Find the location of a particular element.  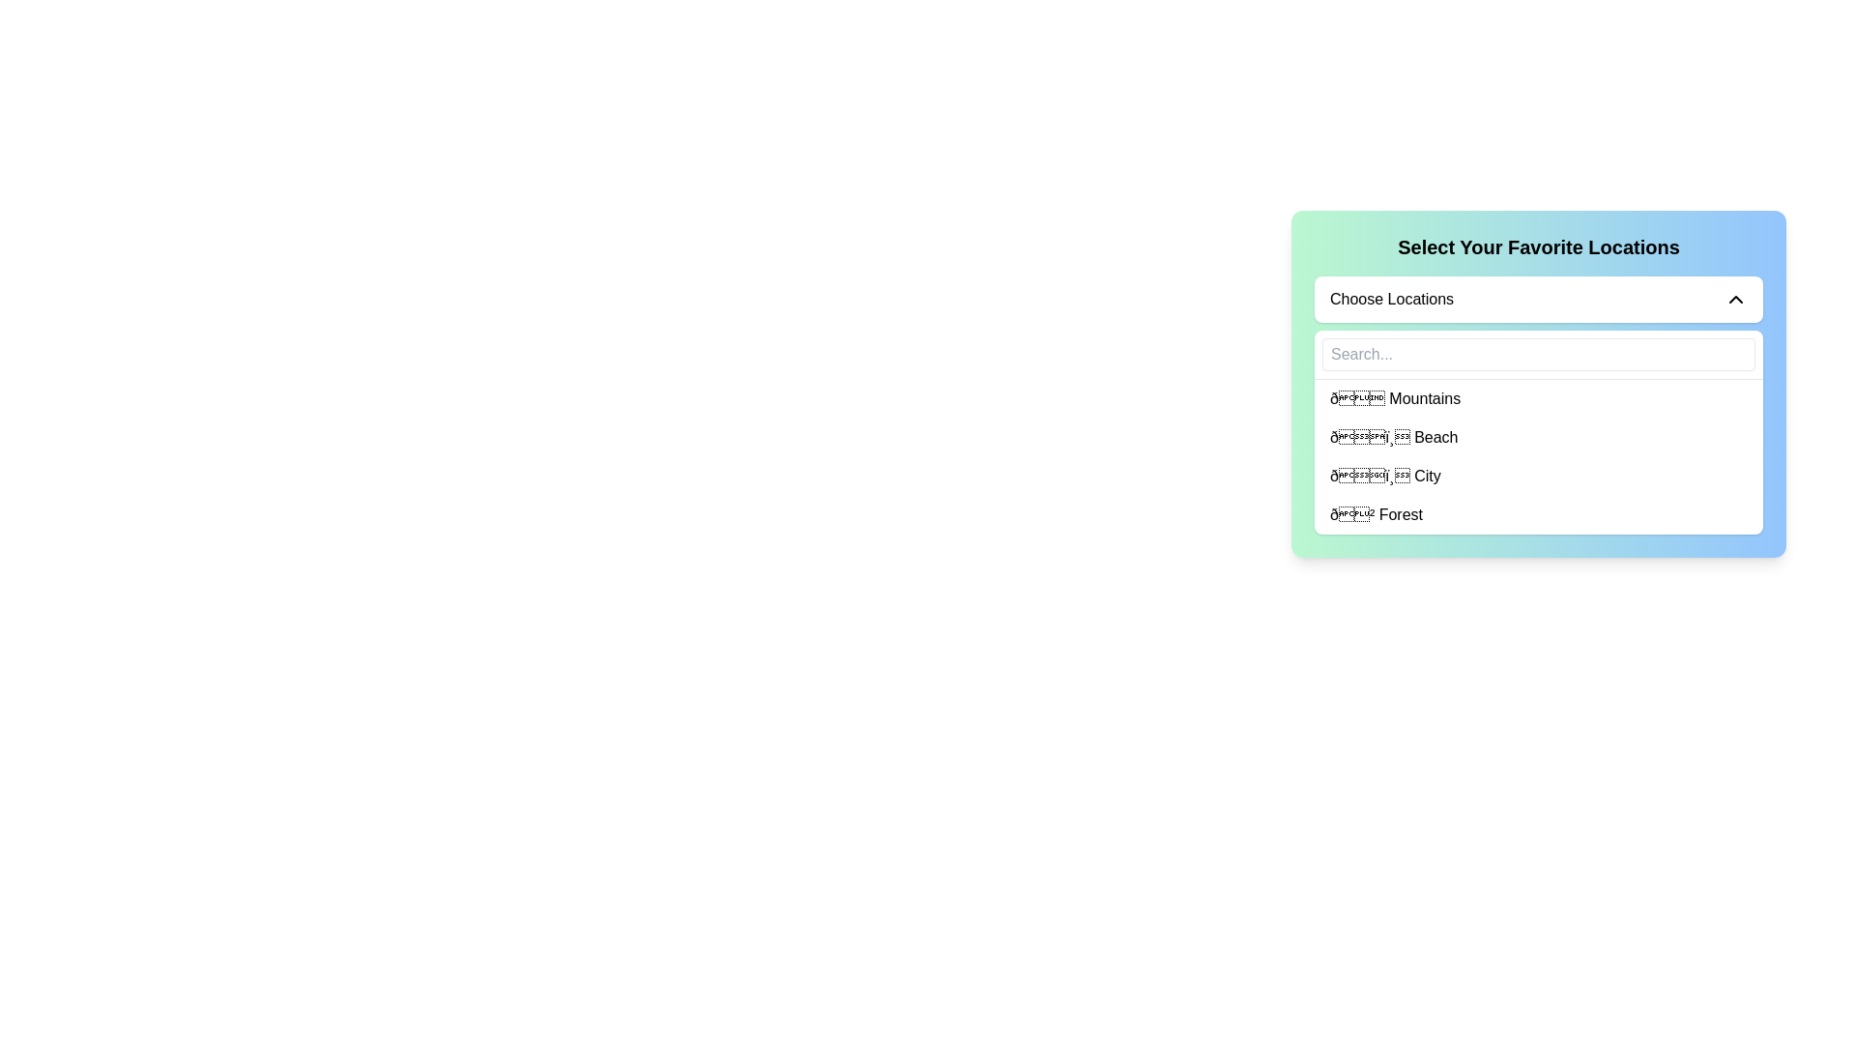

the dropdown list item displaying '🏖️ Beach' is located at coordinates (1394, 437).